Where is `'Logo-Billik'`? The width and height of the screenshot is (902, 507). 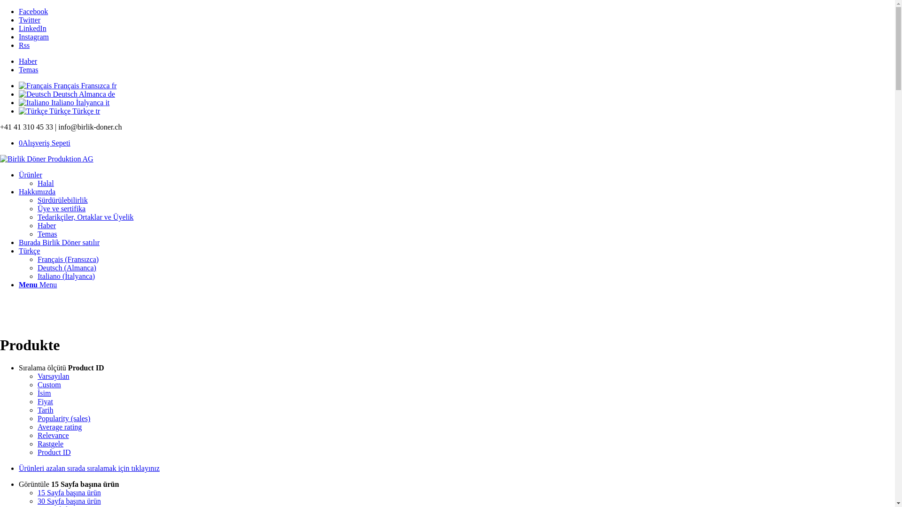 'Logo-Billik' is located at coordinates (46, 159).